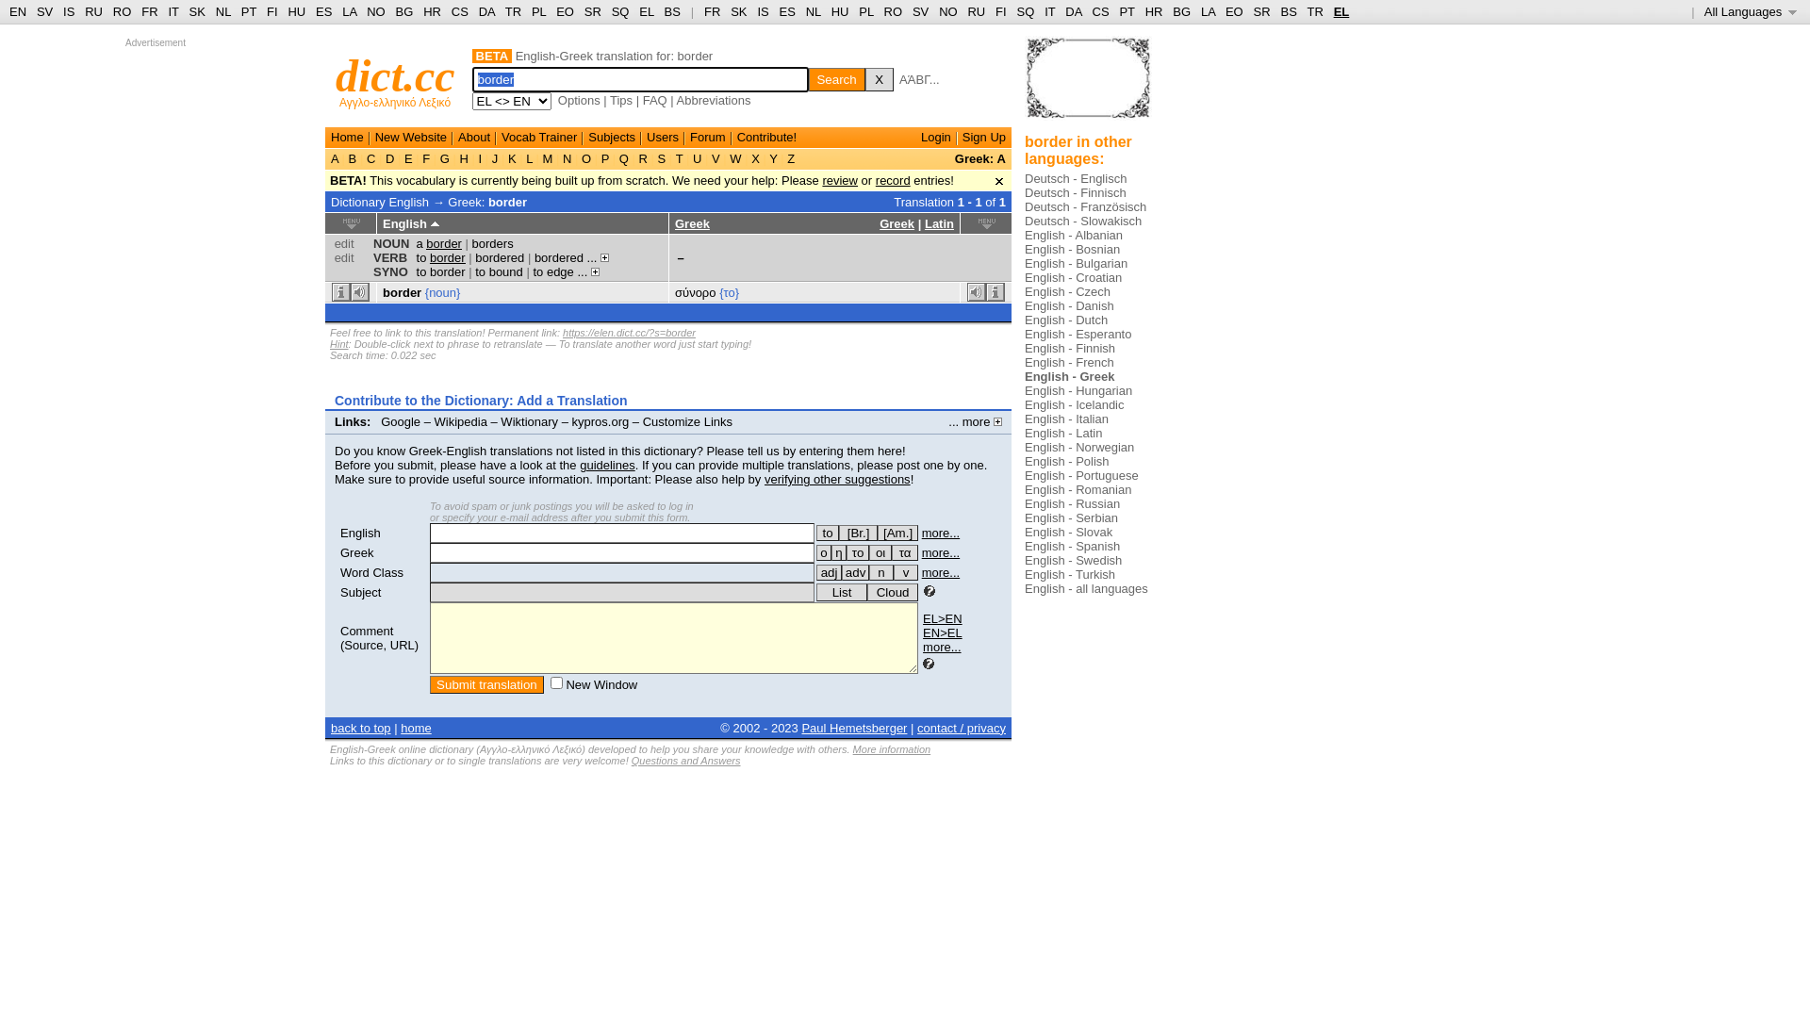 Image resolution: width=1810 pixels, height=1018 pixels. I want to click on 'Submit translation', so click(486, 684).